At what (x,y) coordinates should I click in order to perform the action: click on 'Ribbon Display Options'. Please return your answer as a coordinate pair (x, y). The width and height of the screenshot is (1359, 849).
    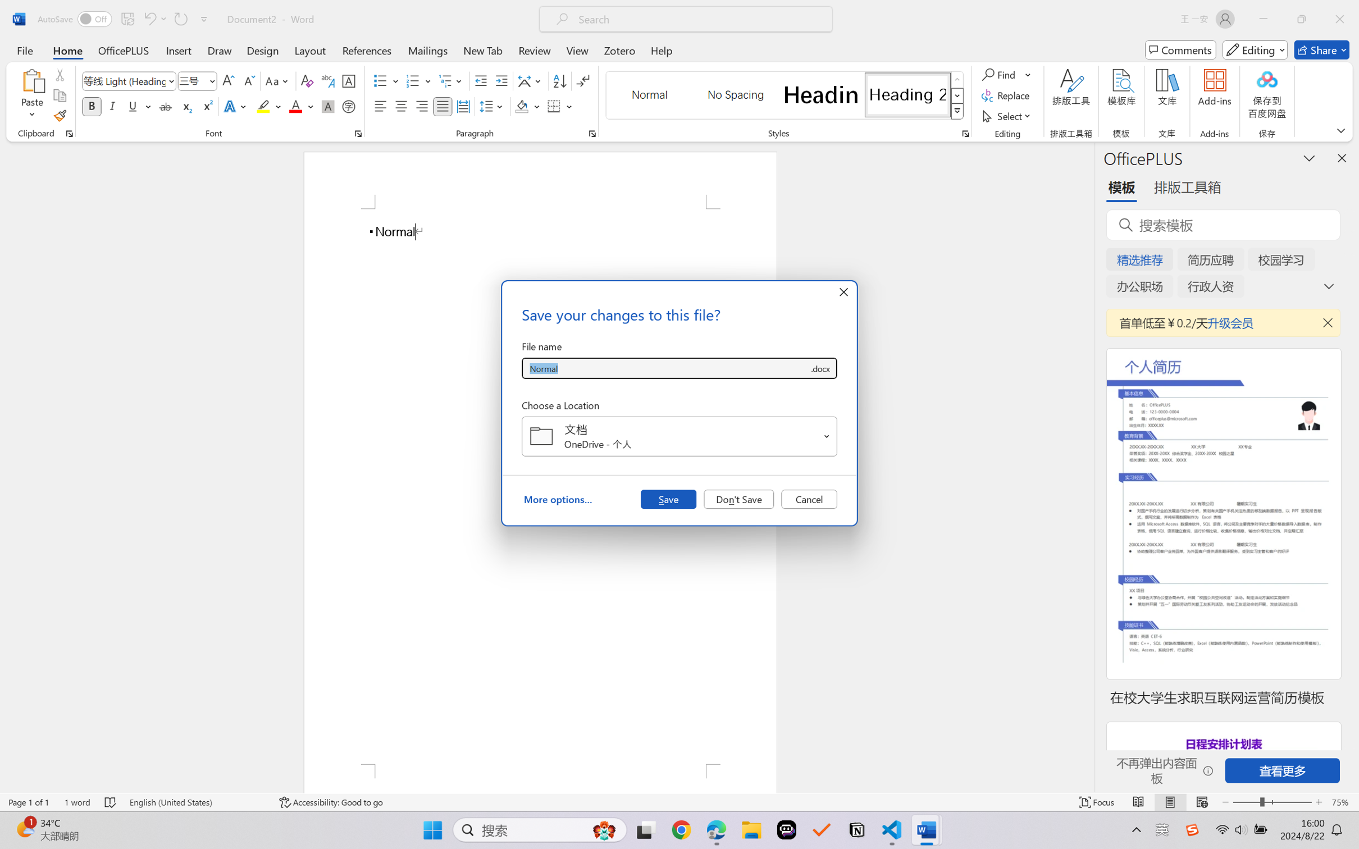
    Looking at the image, I should click on (1340, 130).